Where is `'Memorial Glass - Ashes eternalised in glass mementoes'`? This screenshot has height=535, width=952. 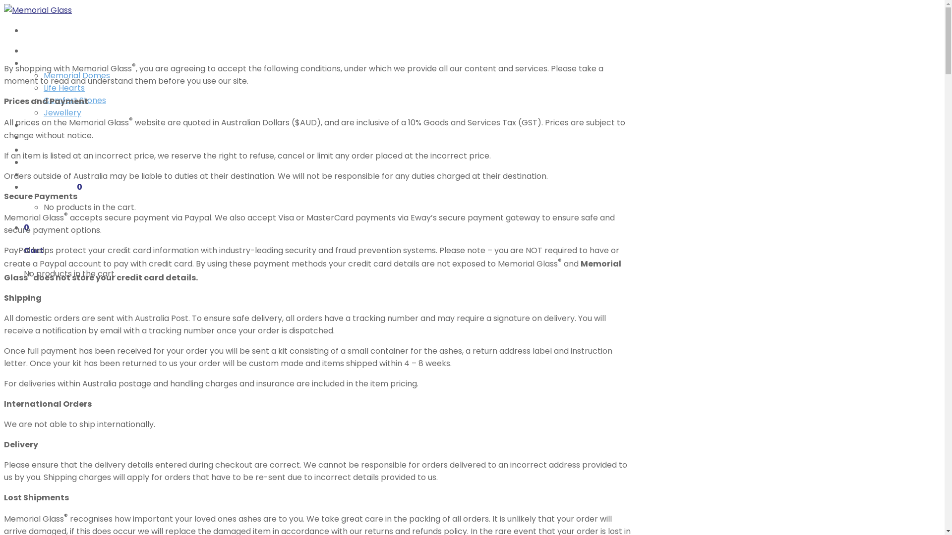
'Memorial Glass - Ashes eternalised in glass mementoes' is located at coordinates (38, 10).